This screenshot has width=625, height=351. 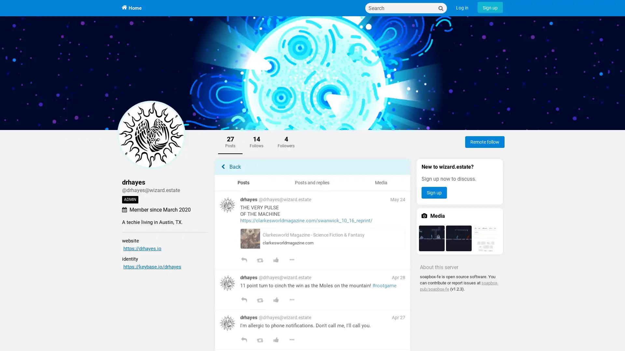 What do you see at coordinates (312, 166) in the screenshot?
I see `Back` at bounding box center [312, 166].